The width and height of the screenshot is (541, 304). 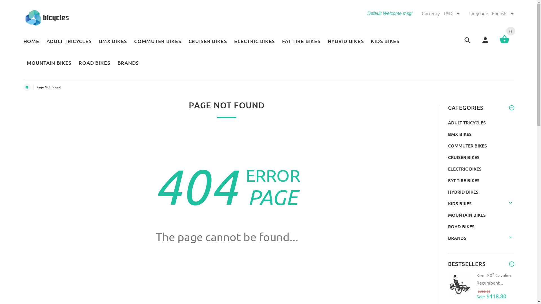 What do you see at coordinates (503, 13) in the screenshot?
I see `'English'` at bounding box center [503, 13].